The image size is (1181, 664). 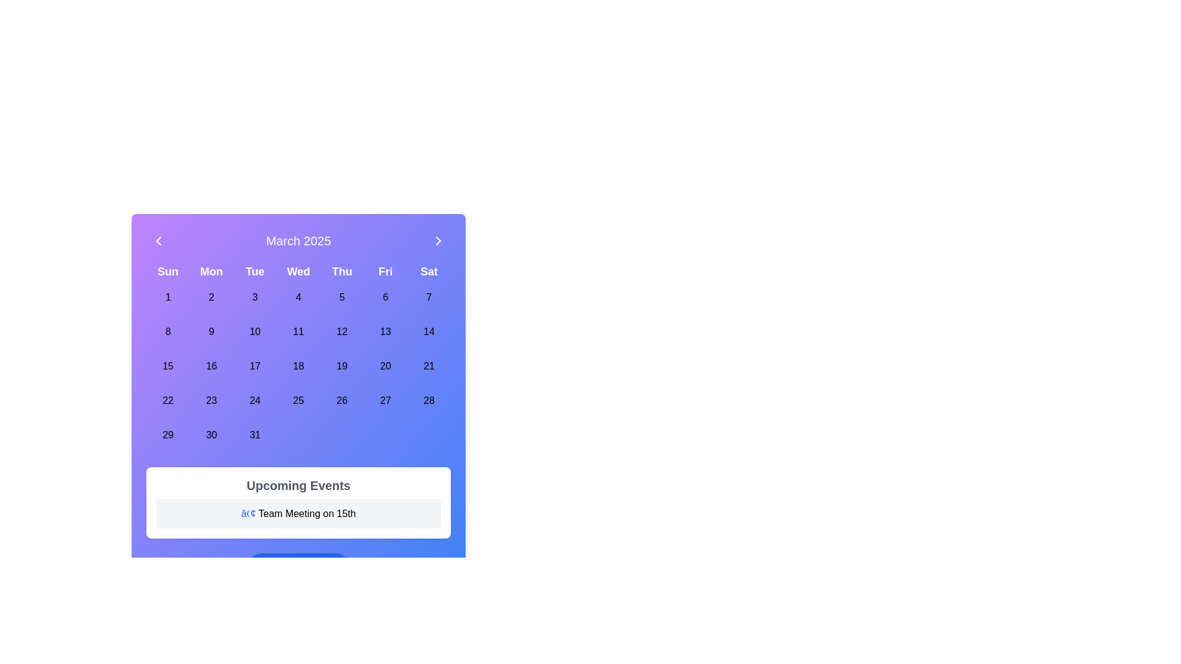 I want to click on the date '30' button, so click(x=212, y=435).